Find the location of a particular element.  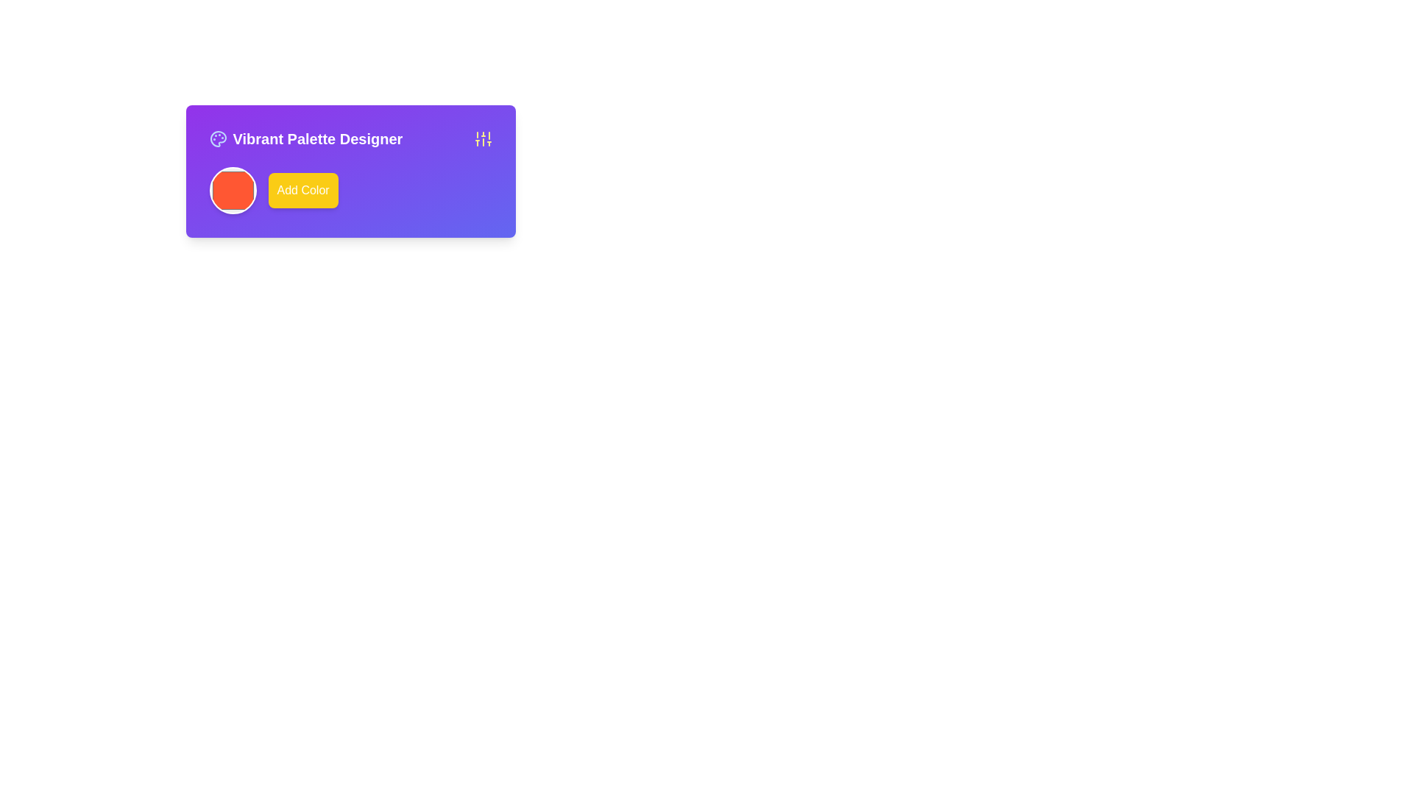

the Circular color picker located in the 'Vibrant Palette Designer' interface is located at coordinates (232, 189).